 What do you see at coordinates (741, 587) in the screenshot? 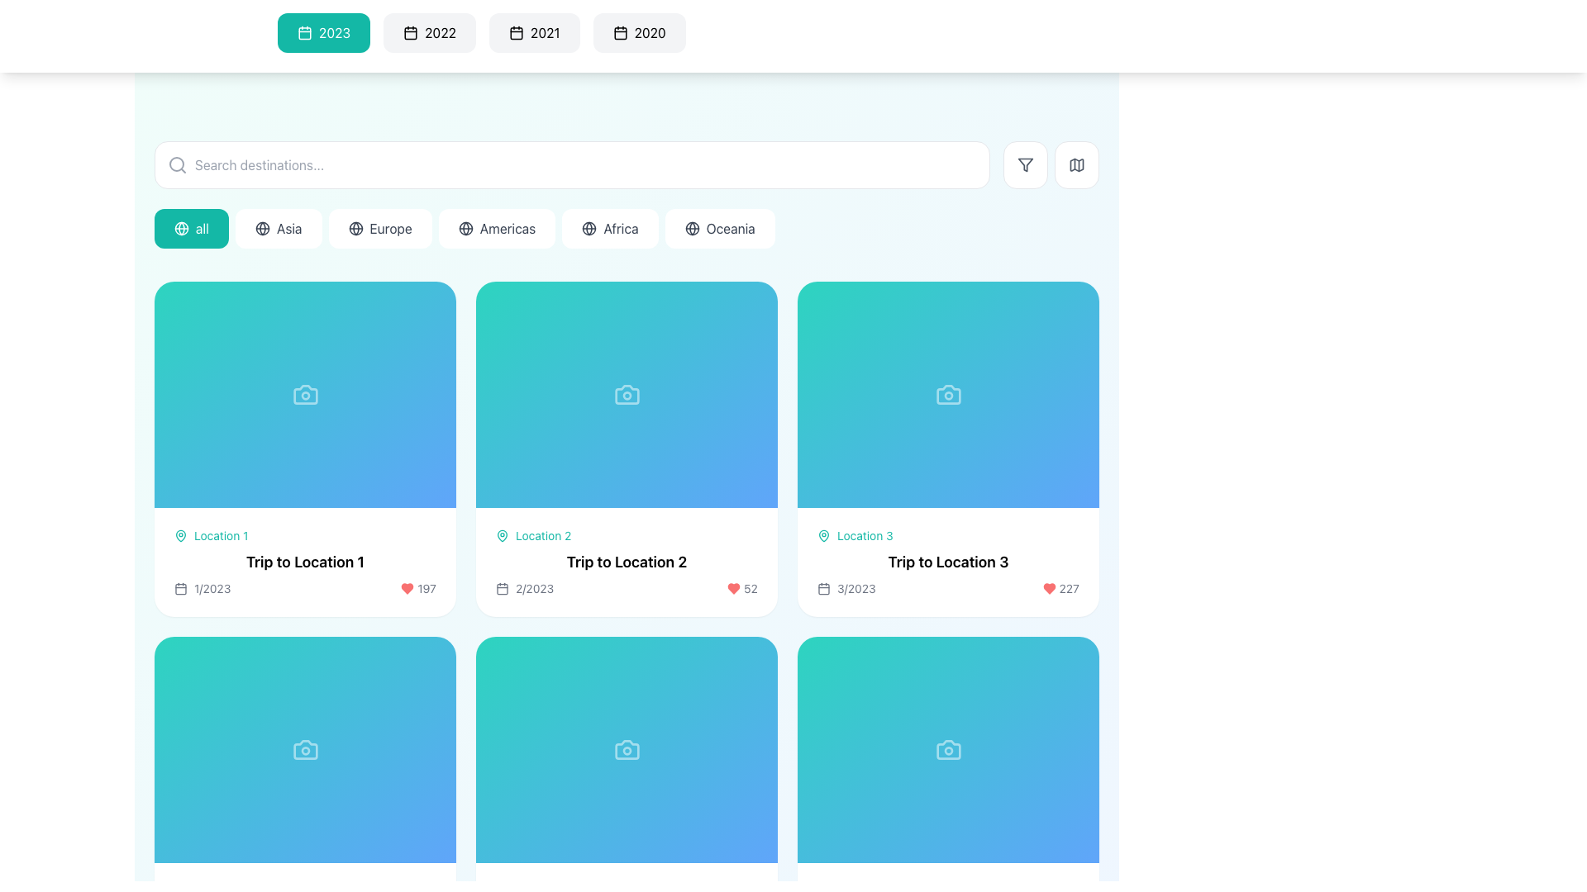
I see `static display element consisting of a red heart icon and the number '52' located in the bottom-right section of the second card in a grid layout` at bounding box center [741, 587].